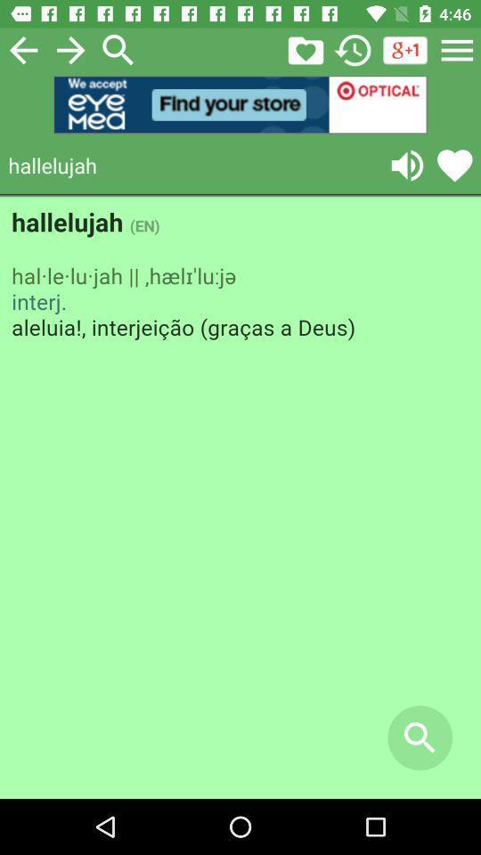  Describe the element at coordinates (22, 49) in the screenshot. I see `the arrow_backward icon` at that location.